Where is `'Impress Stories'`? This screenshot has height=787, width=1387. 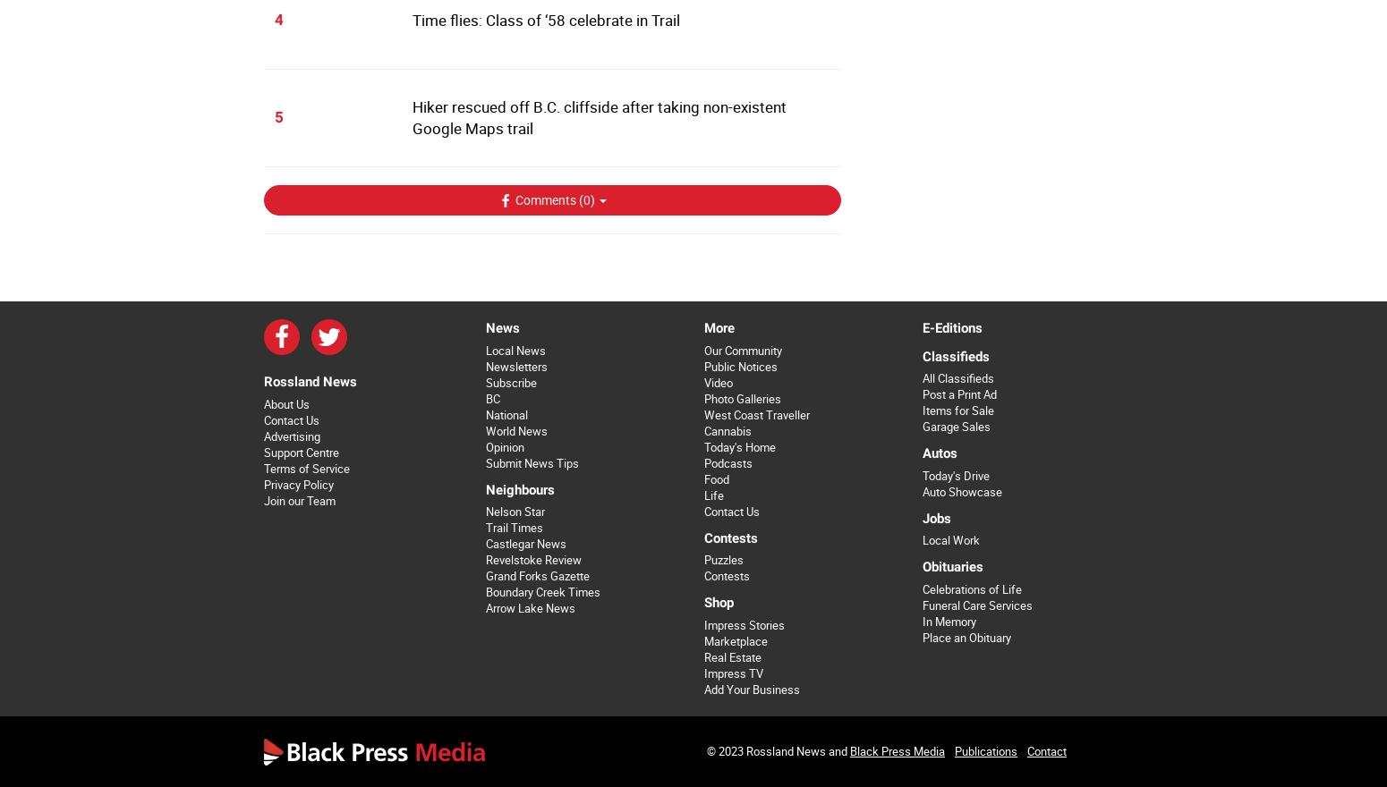
'Impress Stories' is located at coordinates (742, 624).